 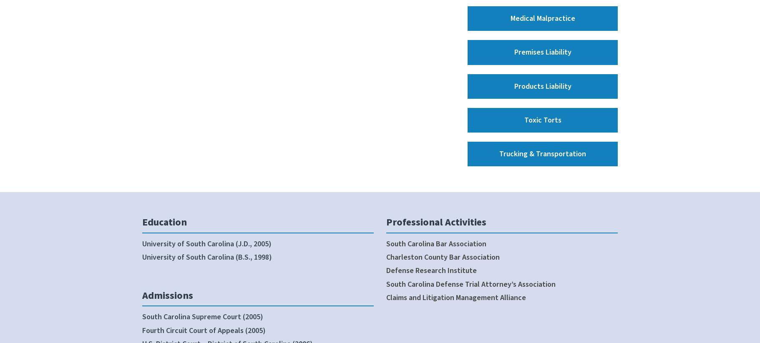 What do you see at coordinates (542, 52) in the screenshot?
I see `'Premises Liability'` at bounding box center [542, 52].